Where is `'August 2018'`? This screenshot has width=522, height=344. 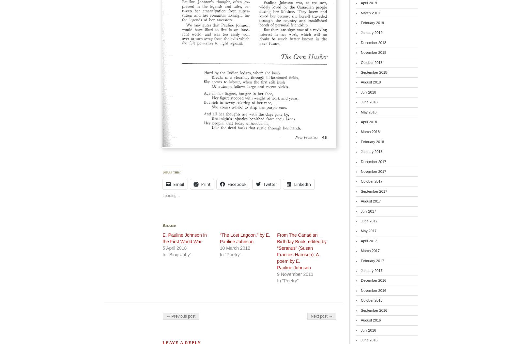
'August 2018' is located at coordinates (371, 82).